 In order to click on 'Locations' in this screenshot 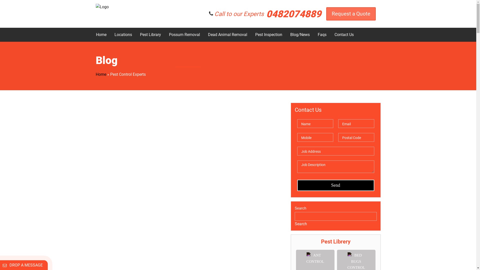, I will do `click(123, 34)`.